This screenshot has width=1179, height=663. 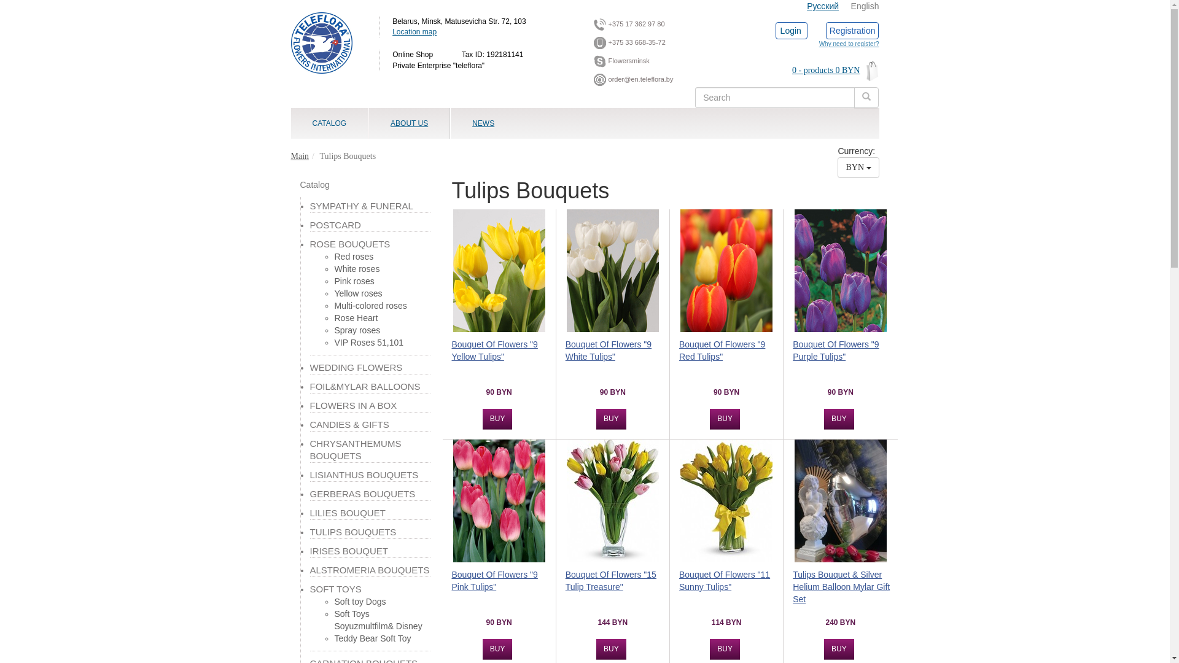 What do you see at coordinates (370, 304) in the screenshot?
I see `'Multi-colored roses'` at bounding box center [370, 304].